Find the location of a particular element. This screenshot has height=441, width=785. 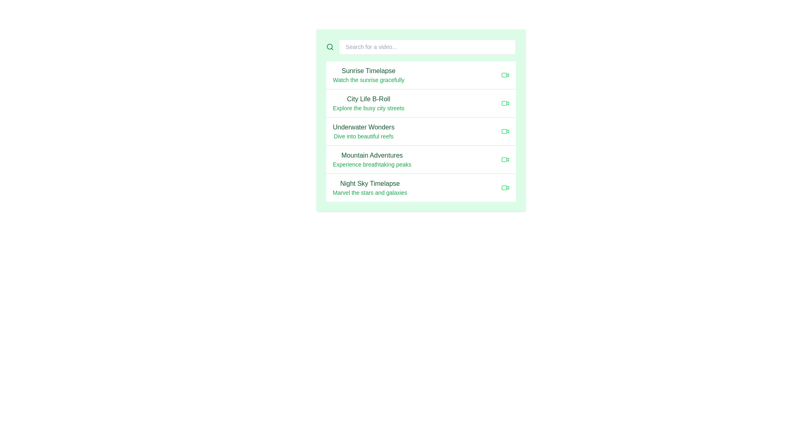

the list item labeled 'Mountain Adventures', which is the fourth item in the vertical list of video topics is located at coordinates (372, 159).